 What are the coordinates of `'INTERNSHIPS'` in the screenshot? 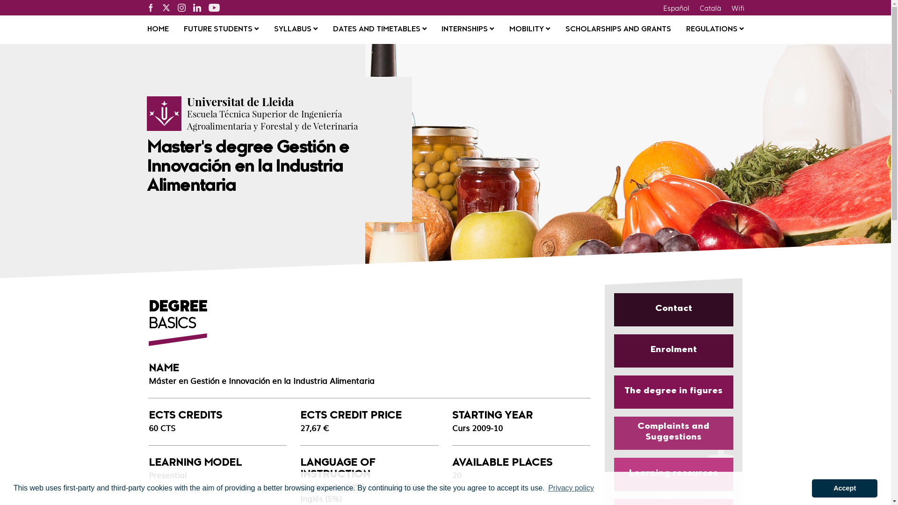 It's located at (467, 29).